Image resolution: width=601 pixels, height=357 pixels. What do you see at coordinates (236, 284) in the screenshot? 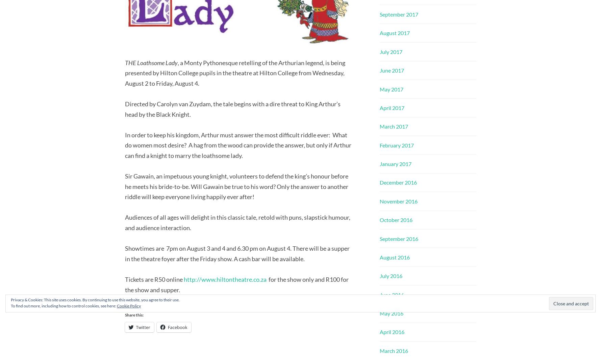
I see `'for the show only and R100 for the show and supper.'` at bounding box center [236, 284].